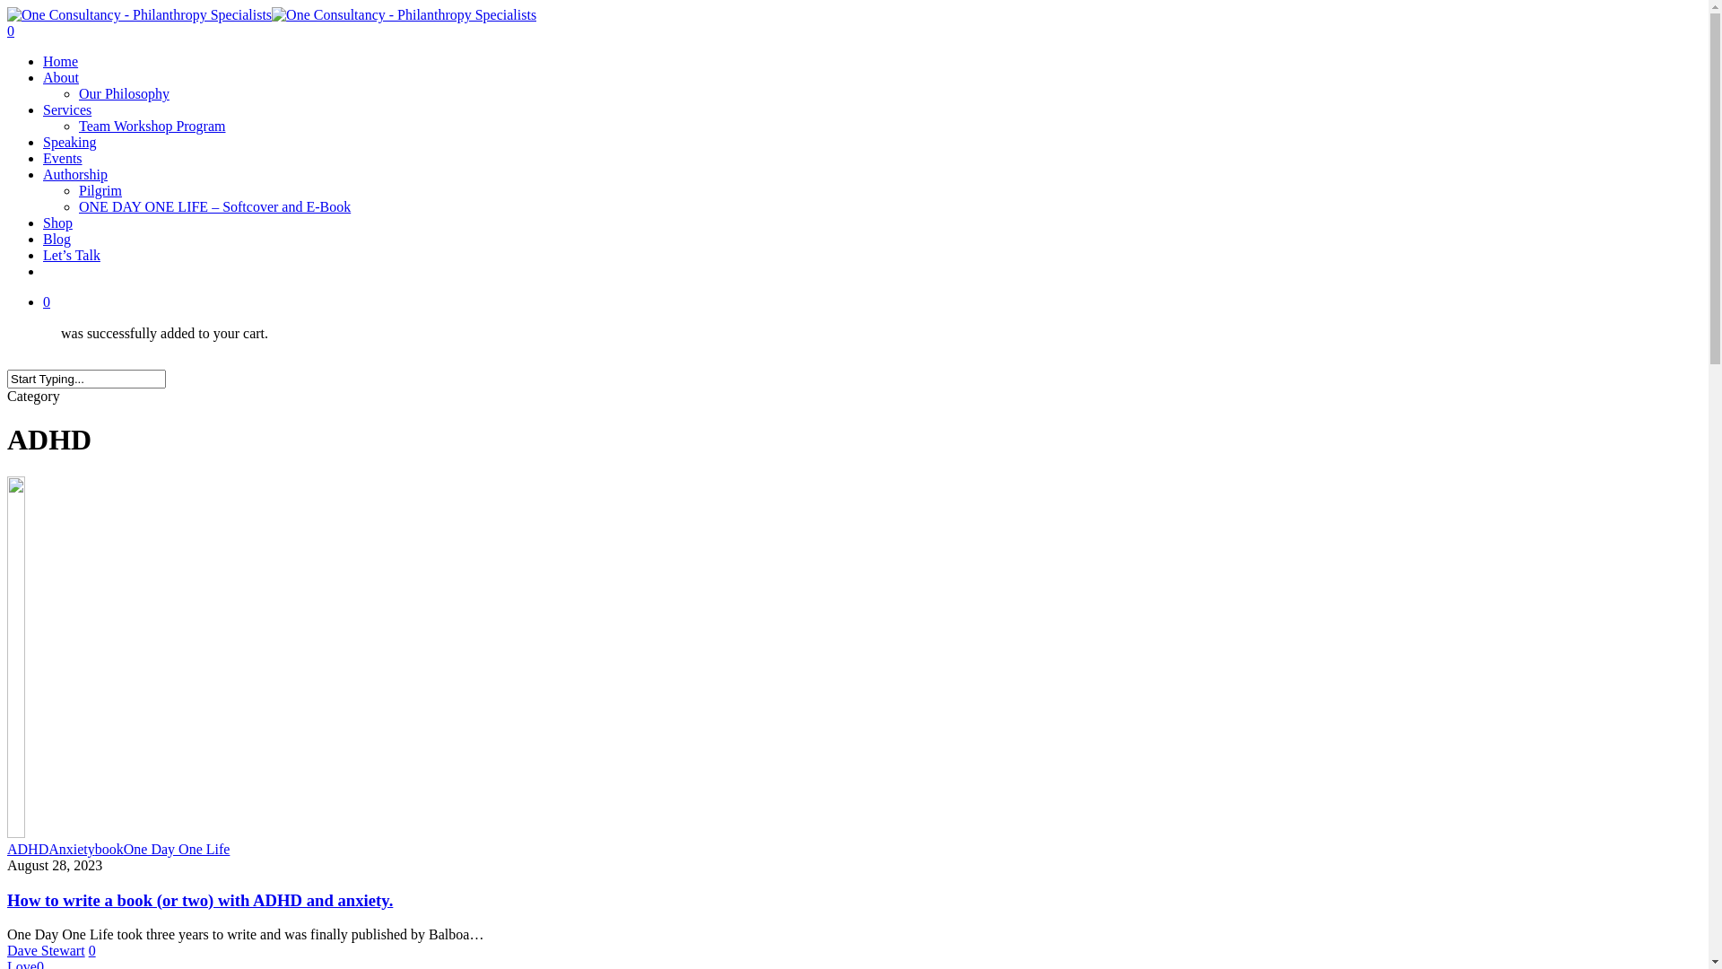 The image size is (1722, 969). Describe the element at coordinates (57, 222) in the screenshot. I see `'Shop'` at that location.